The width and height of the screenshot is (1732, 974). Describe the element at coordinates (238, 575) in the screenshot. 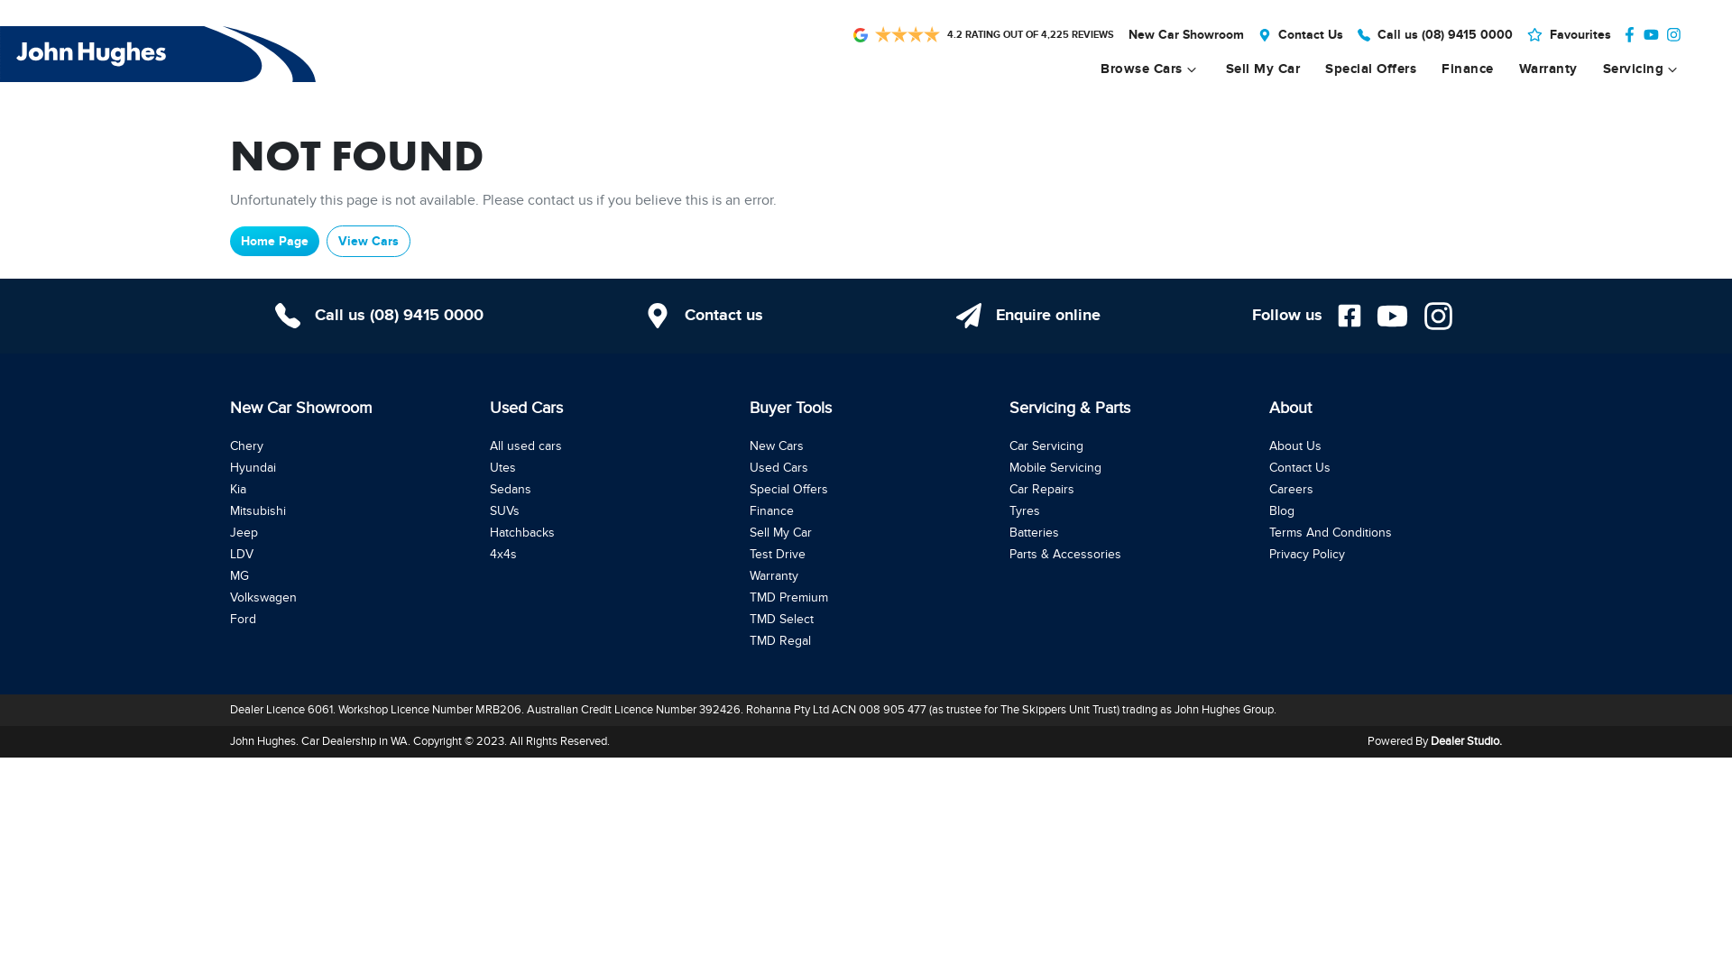

I see `'MG'` at that location.